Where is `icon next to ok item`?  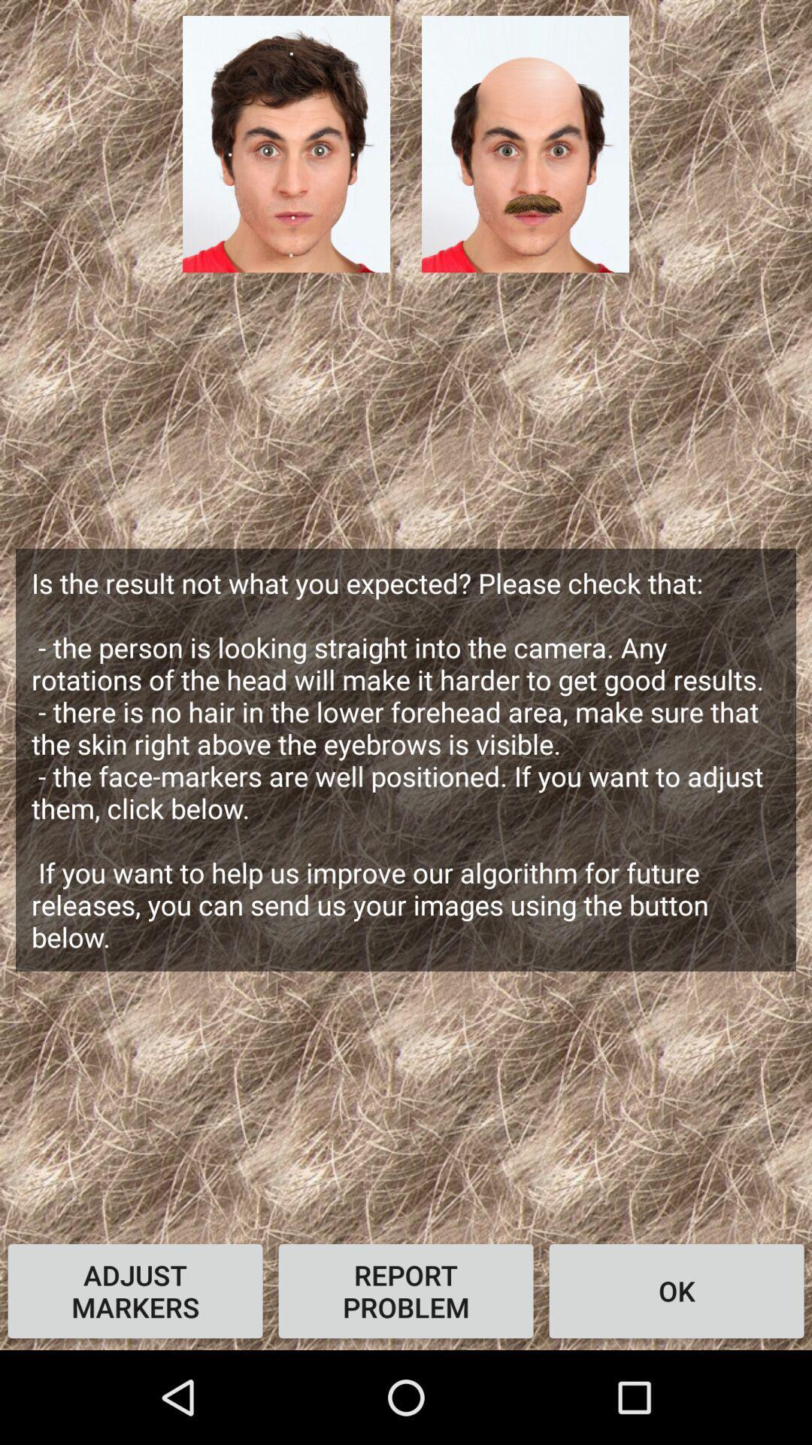 icon next to ok item is located at coordinates (406, 1290).